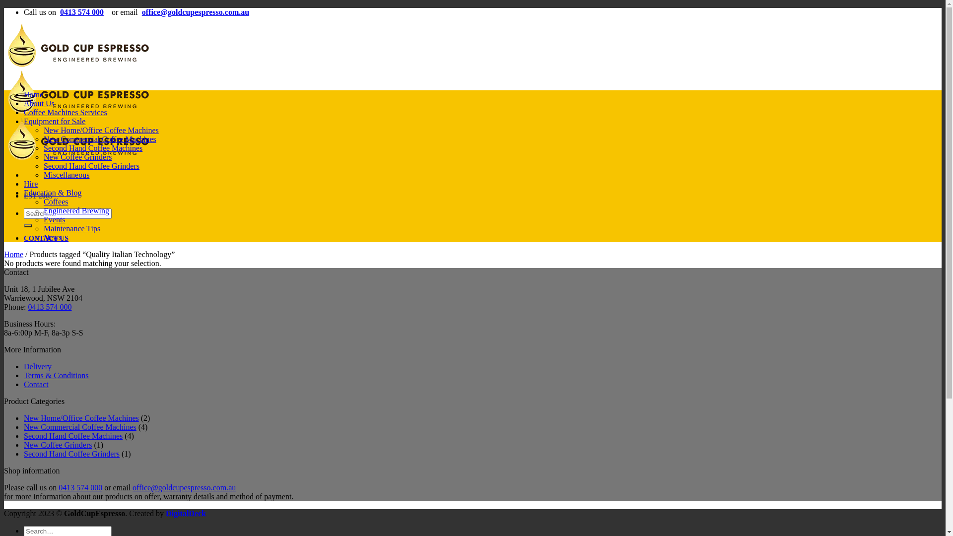 The height and width of the screenshot is (536, 953). I want to click on 'Search', so click(28, 226).